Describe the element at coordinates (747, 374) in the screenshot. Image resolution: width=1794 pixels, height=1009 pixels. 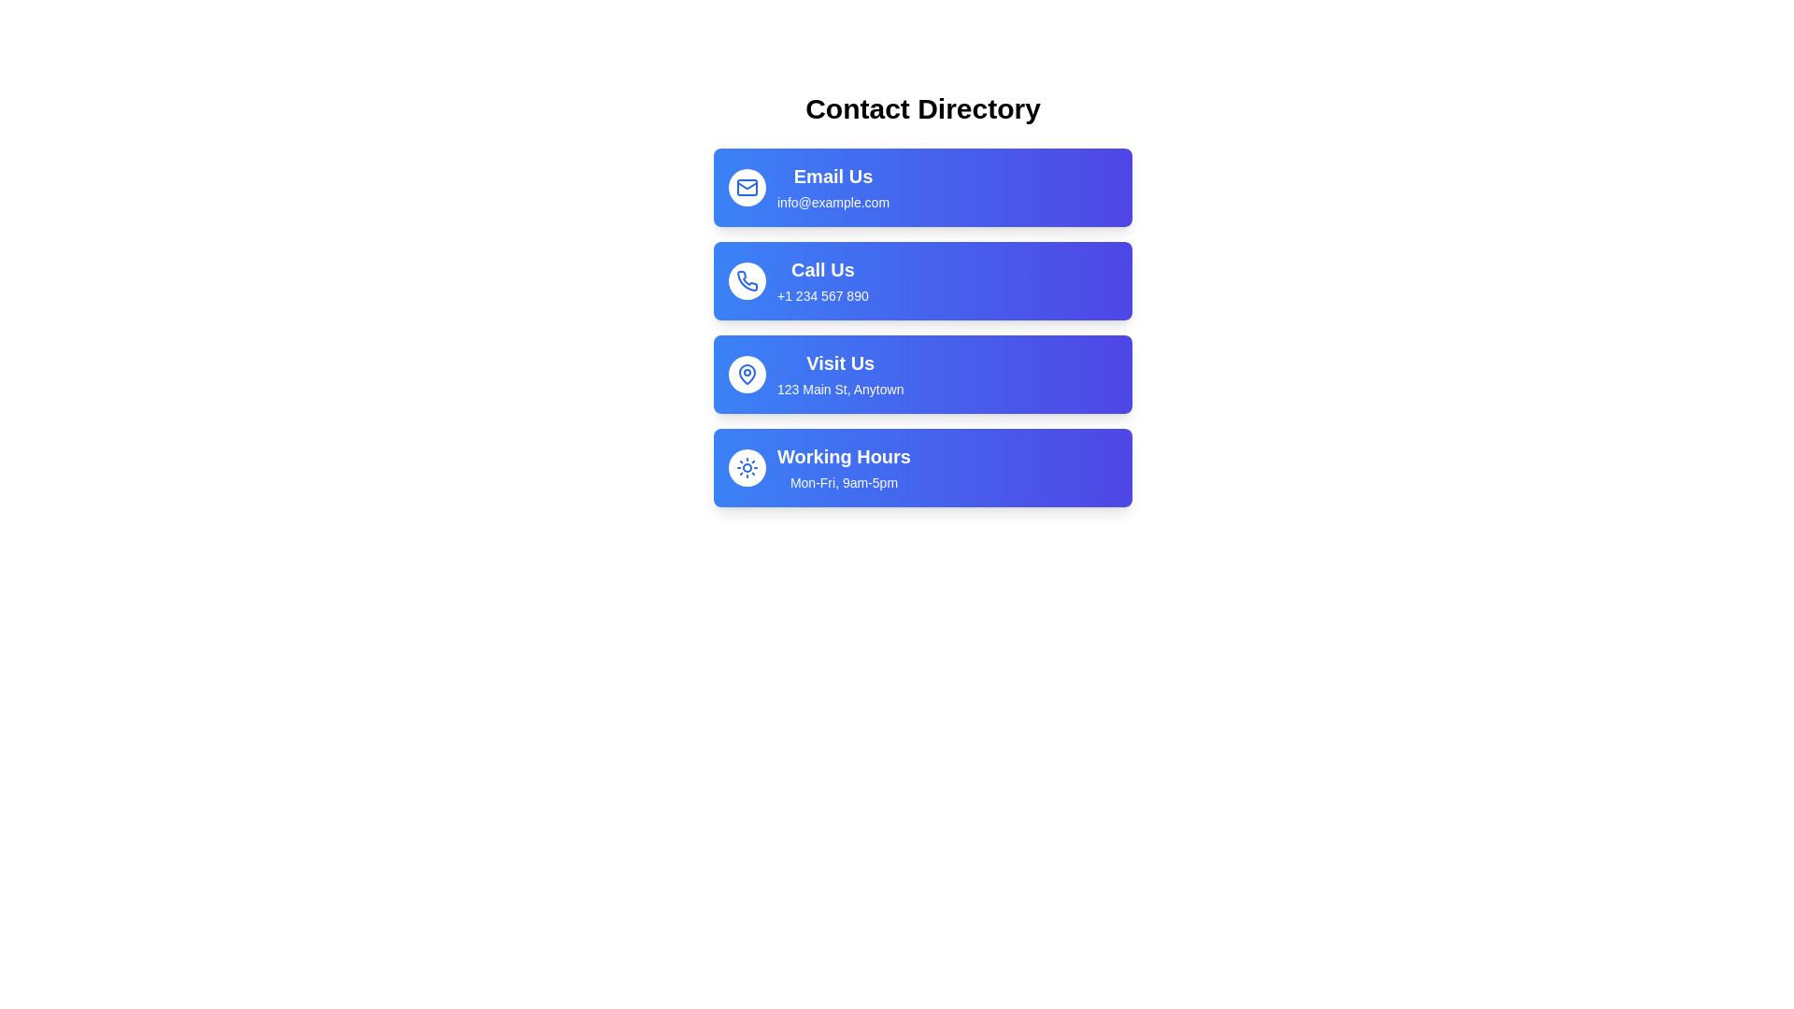
I see `the lower portion of the map pin-shaped icon located in the 'Visit Us' section of the UI, which is the third entry in a vertically stacked list of contact options` at that location.